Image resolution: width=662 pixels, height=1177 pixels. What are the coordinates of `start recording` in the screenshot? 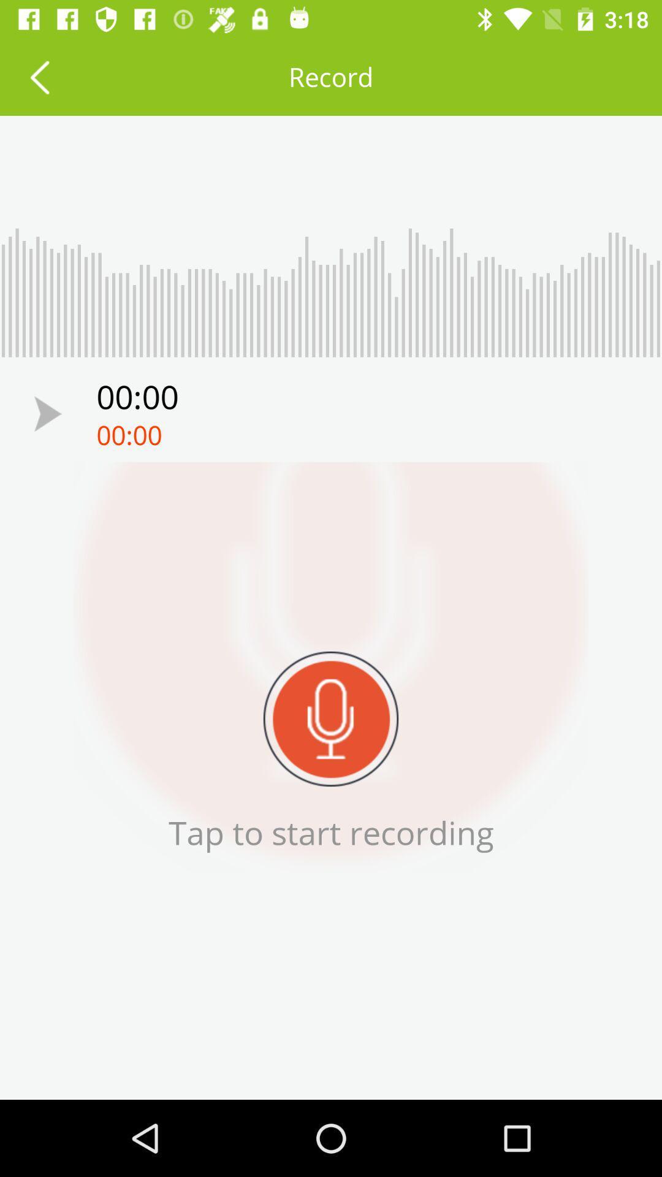 It's located at (331, 718).